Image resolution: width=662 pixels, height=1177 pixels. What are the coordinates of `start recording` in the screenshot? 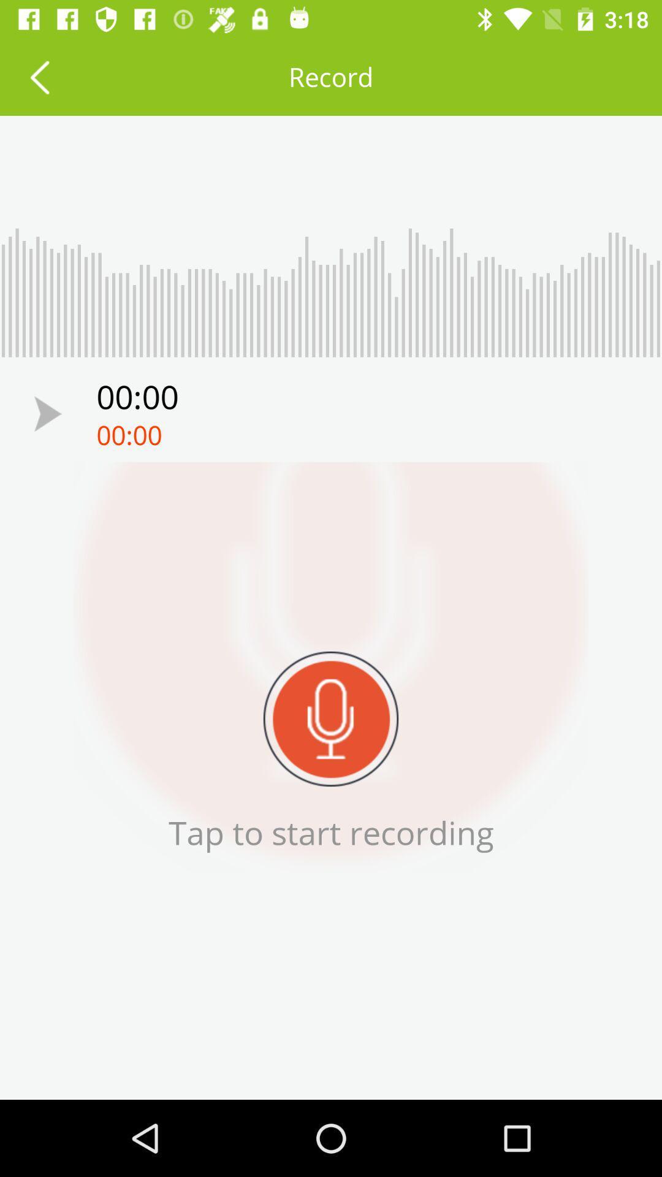 It's located at (331, 718).